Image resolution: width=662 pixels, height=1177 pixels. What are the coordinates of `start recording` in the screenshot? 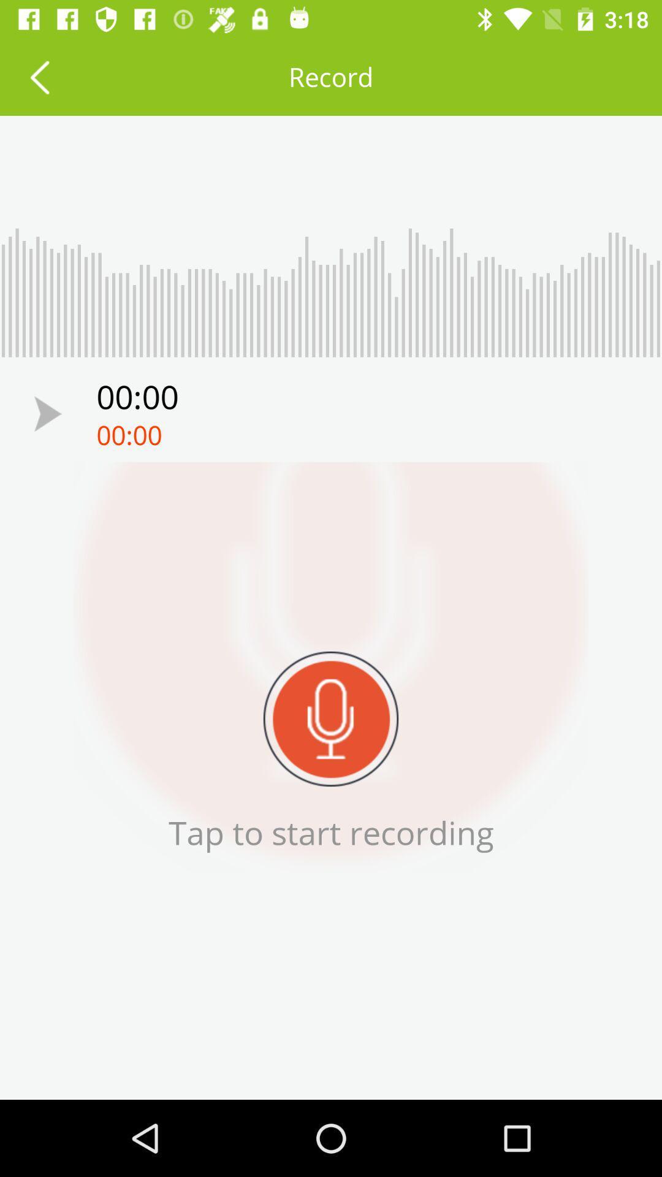 It's located at (331, 718).